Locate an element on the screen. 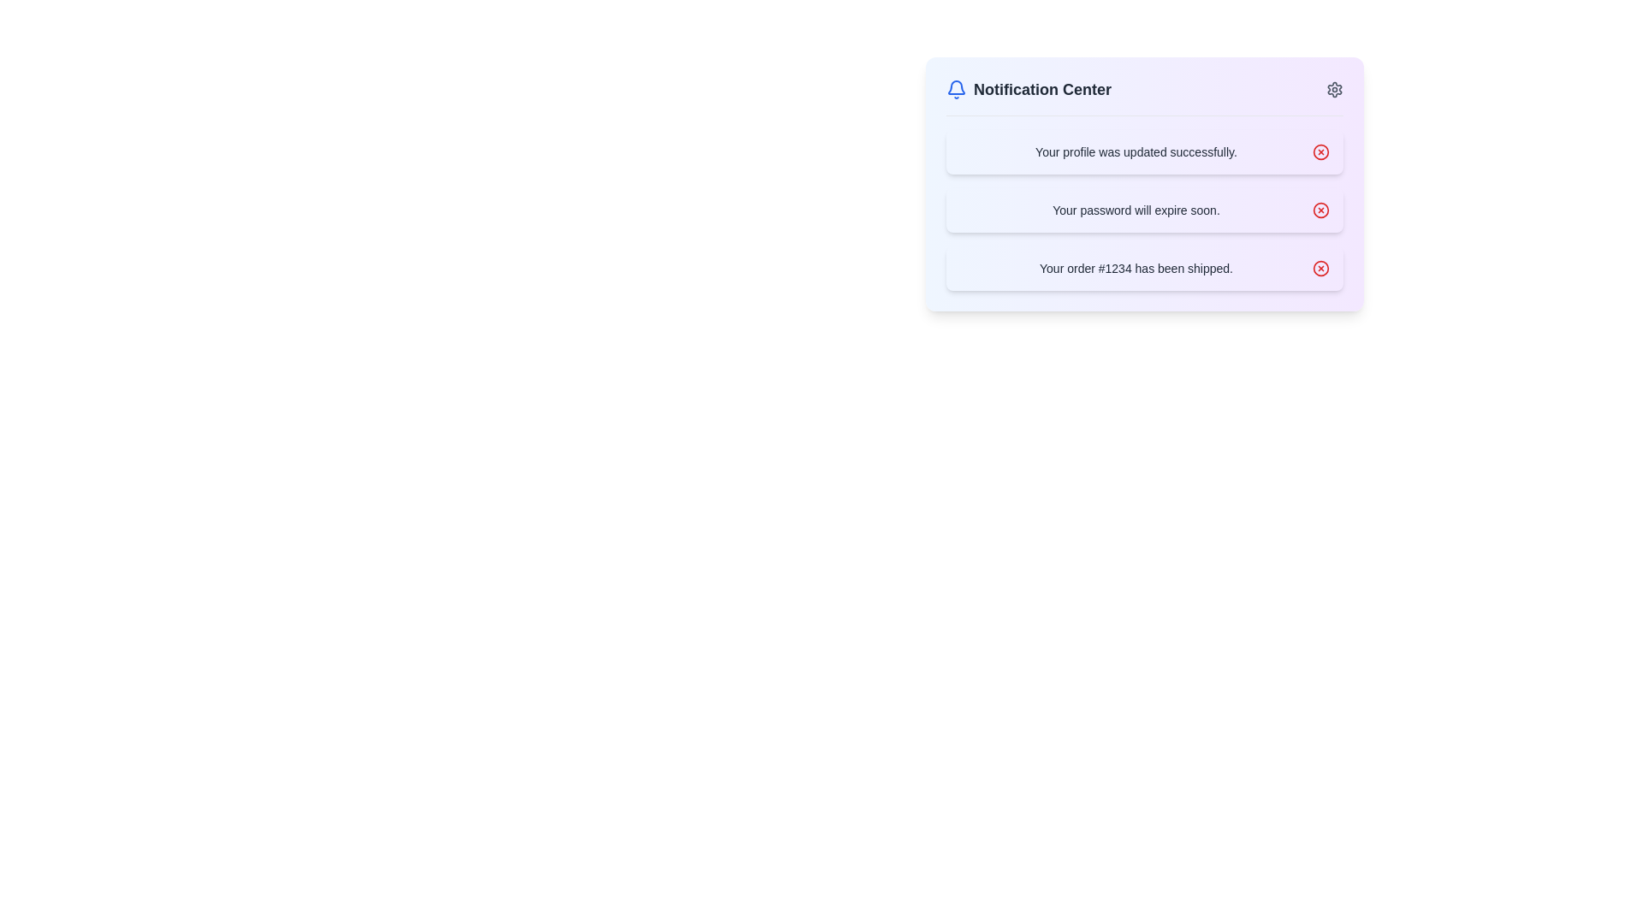 The height and width of the screenshot is (924, 1643). the gear-shaped settings icon is located at coordinates (1334, 89).